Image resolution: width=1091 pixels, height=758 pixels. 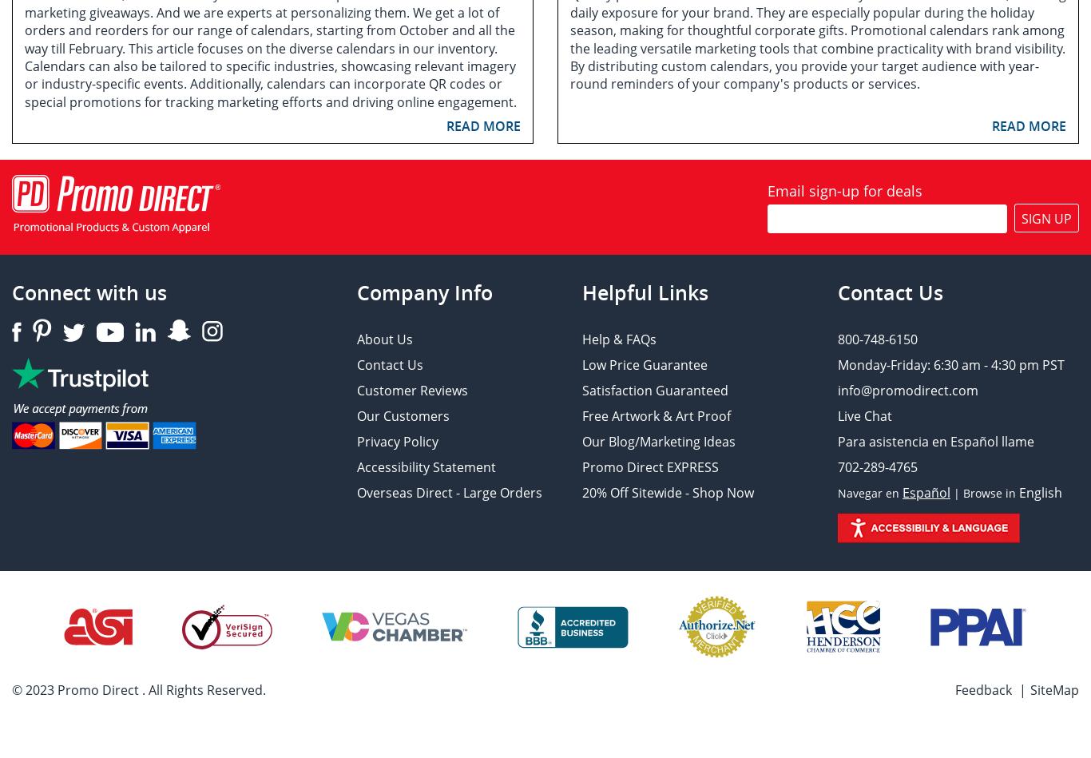 I want to click on 'Connect with us', so click(x=89, y=292).